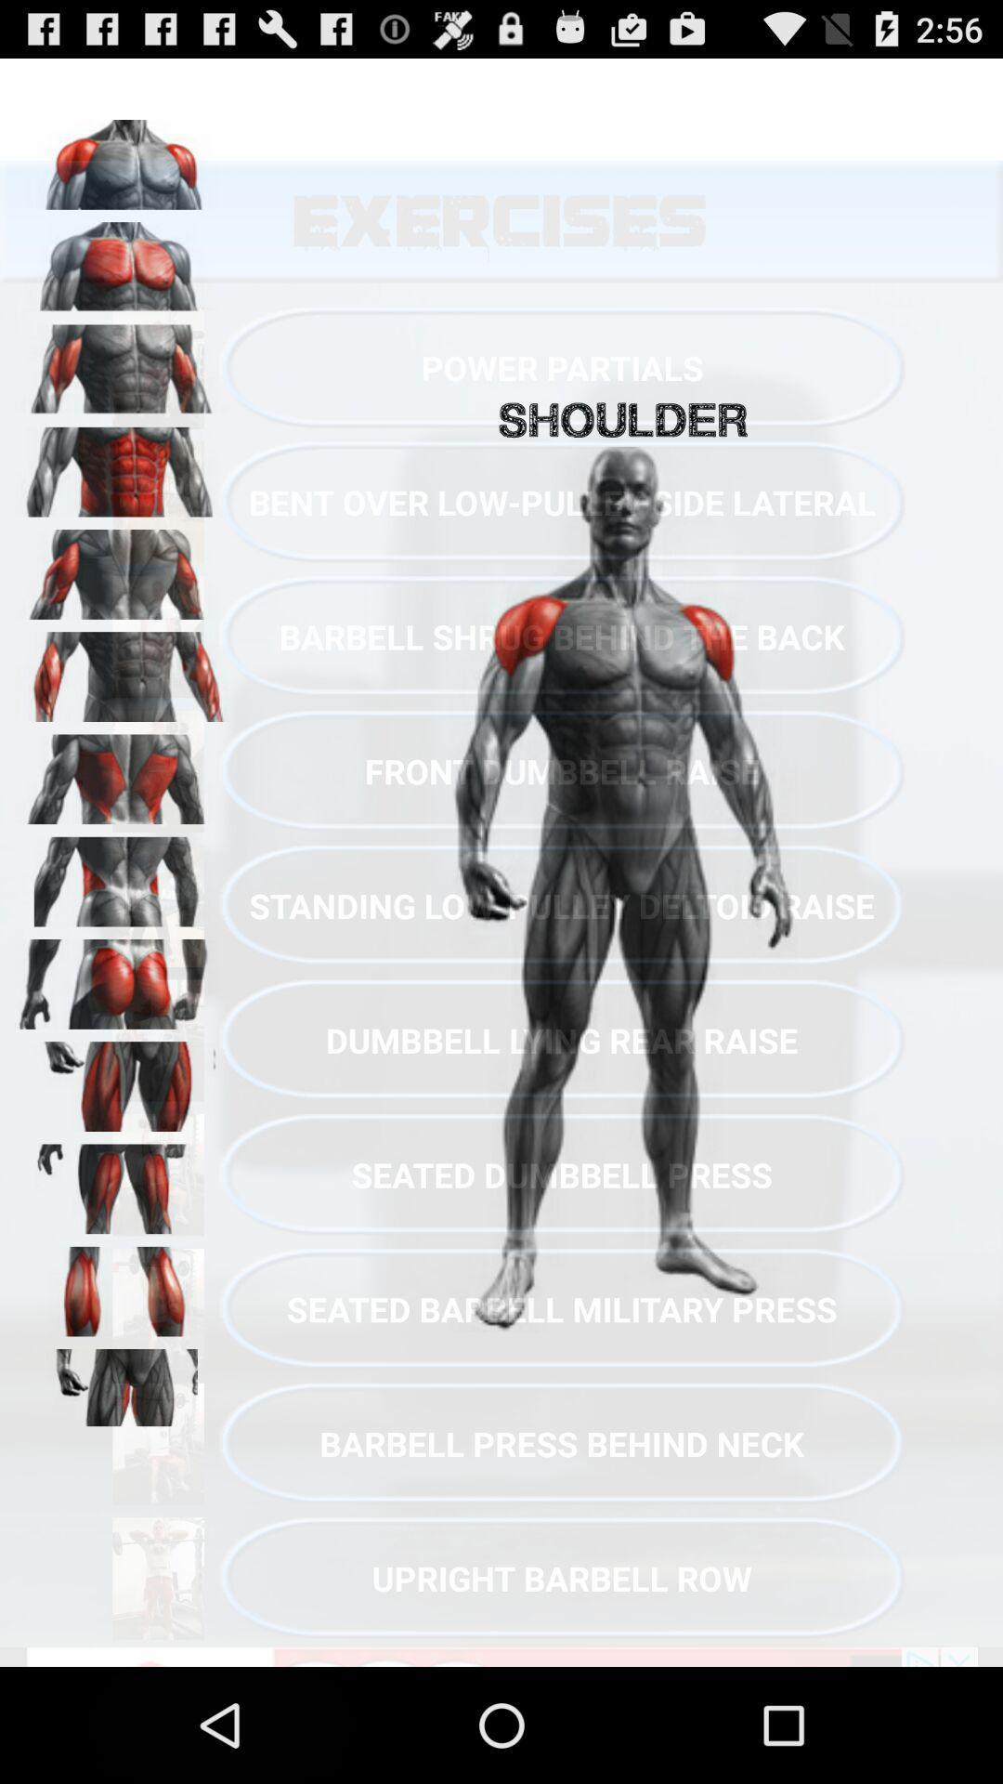  What do you see at coordinates (122, 874) in the screenshot?
I see `target obliques` at bounding box center [122, 874].